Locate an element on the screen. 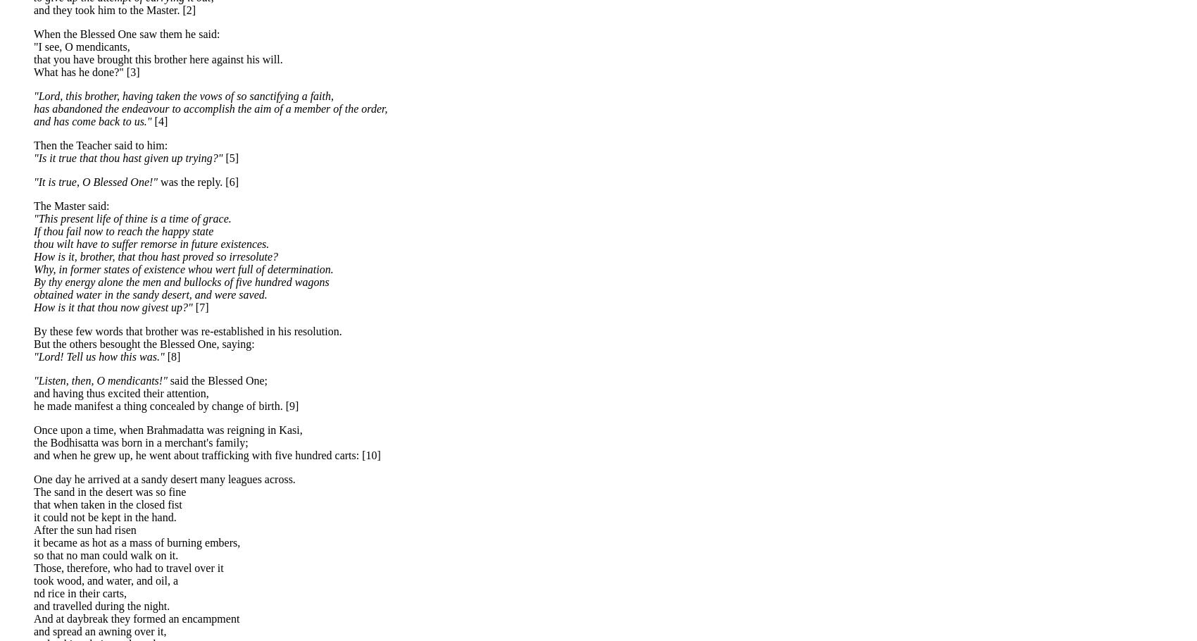  'Why,  in former states of existence whou  wert full  of determination.' is located at coordinates (183, 268).